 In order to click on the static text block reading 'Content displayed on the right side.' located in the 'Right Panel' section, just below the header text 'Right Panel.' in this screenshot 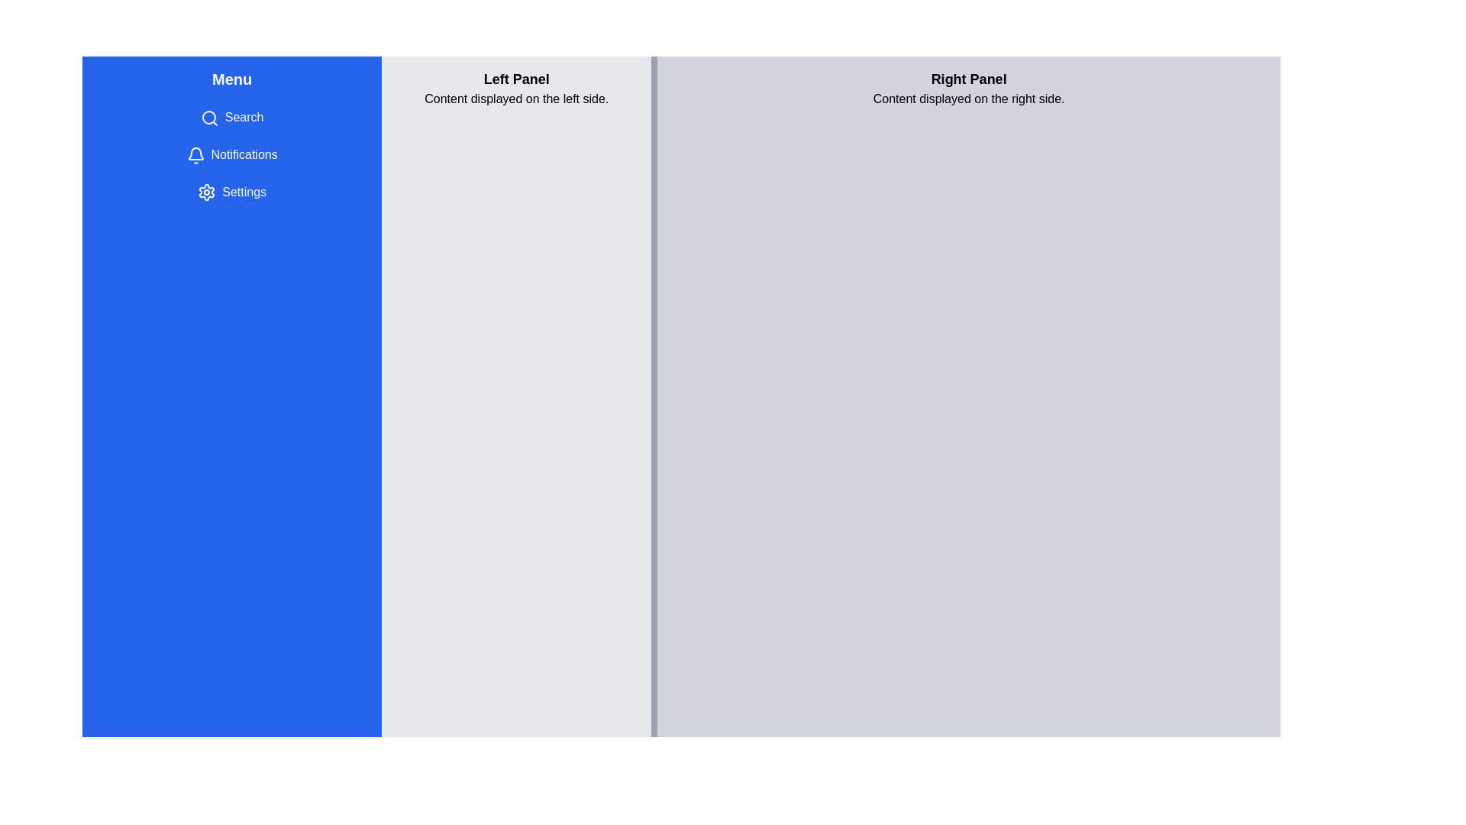, I will do `click(968, 99)`.